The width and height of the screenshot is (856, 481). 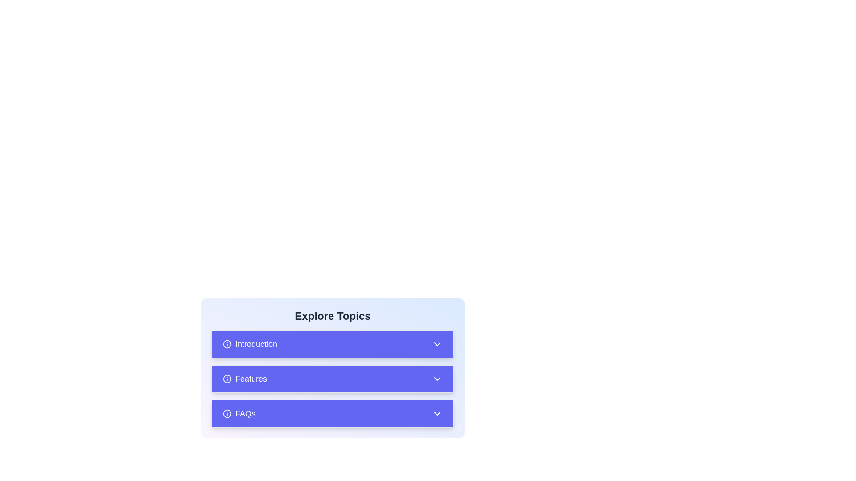 What do you see at coordinates (437, 379) in the screenshot?
I see `the downward-facing chevron icon within the 'Features' section` at bounding box center [437, 379].